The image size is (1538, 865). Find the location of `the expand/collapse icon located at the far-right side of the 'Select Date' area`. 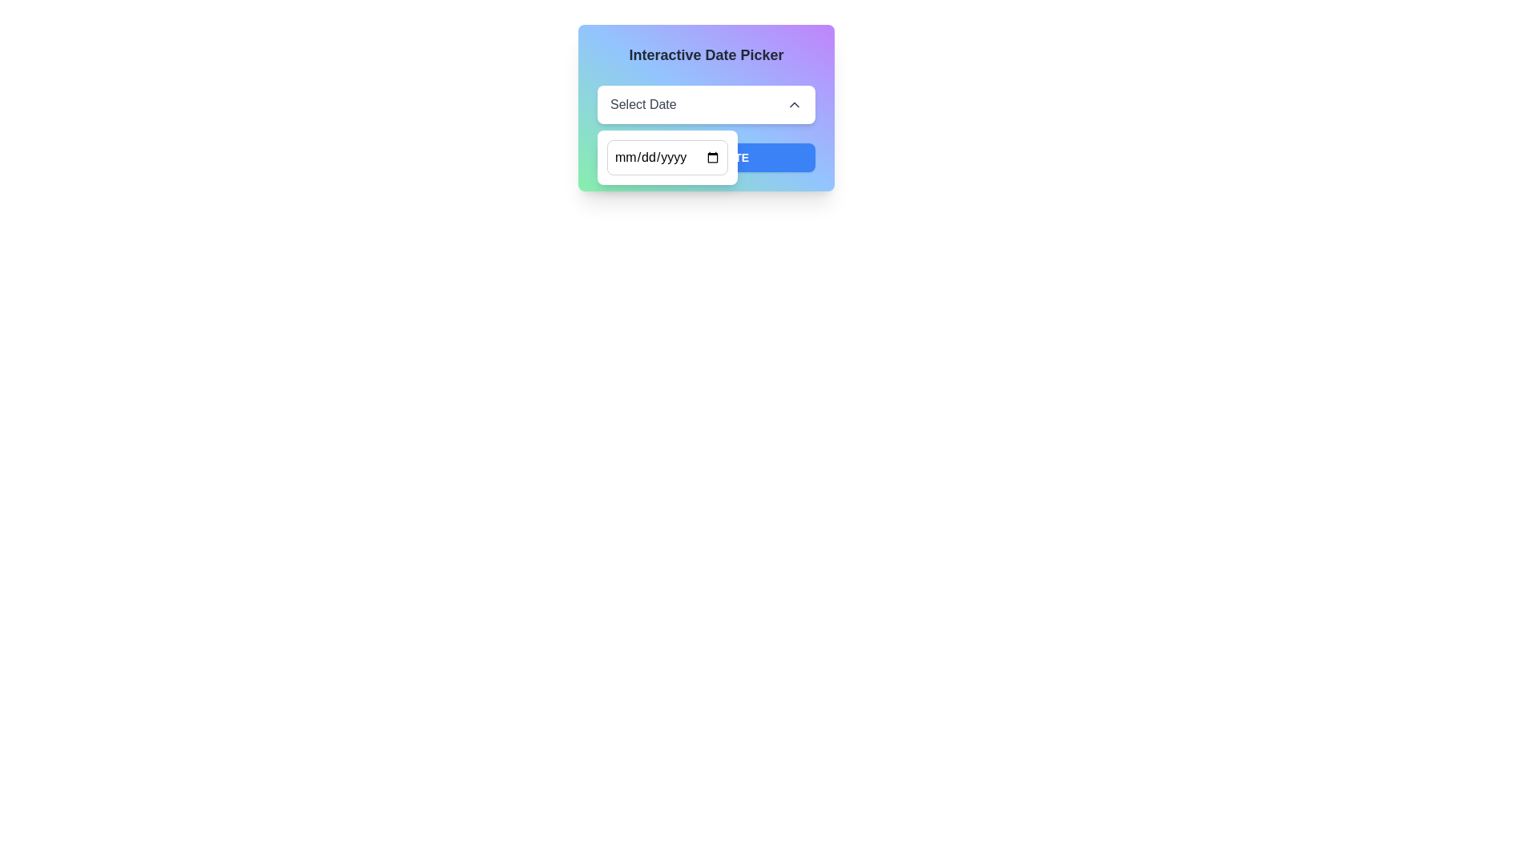

the expand/collapse icon located at the far-right side of the 'Select Date' area is located at coordinates (795, 105).